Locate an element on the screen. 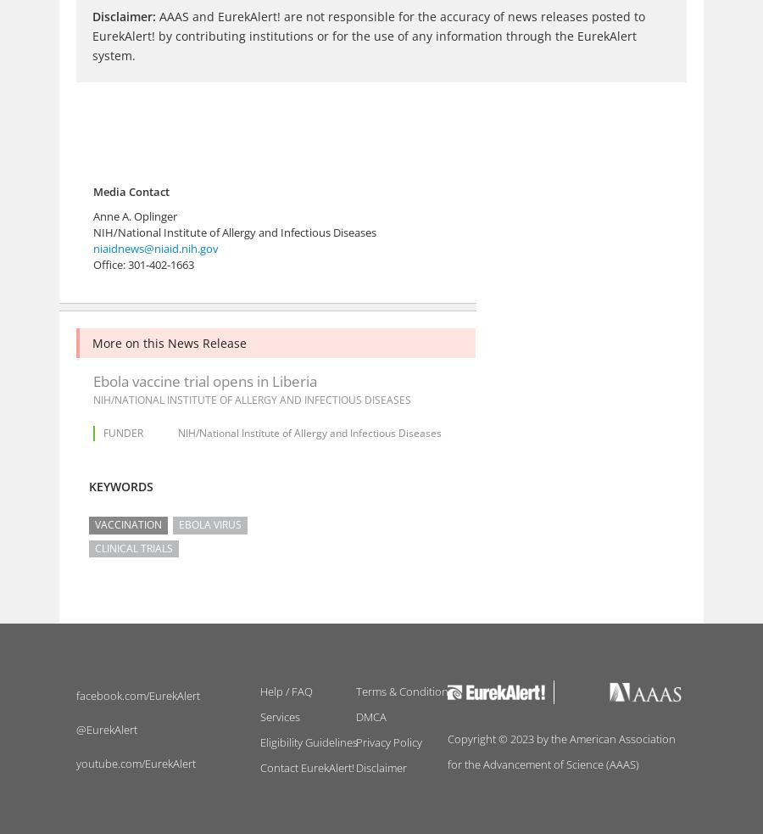 The height and width of the screenshot is (834, 763). 'Media Contact' is located at coordinates (92, 191).